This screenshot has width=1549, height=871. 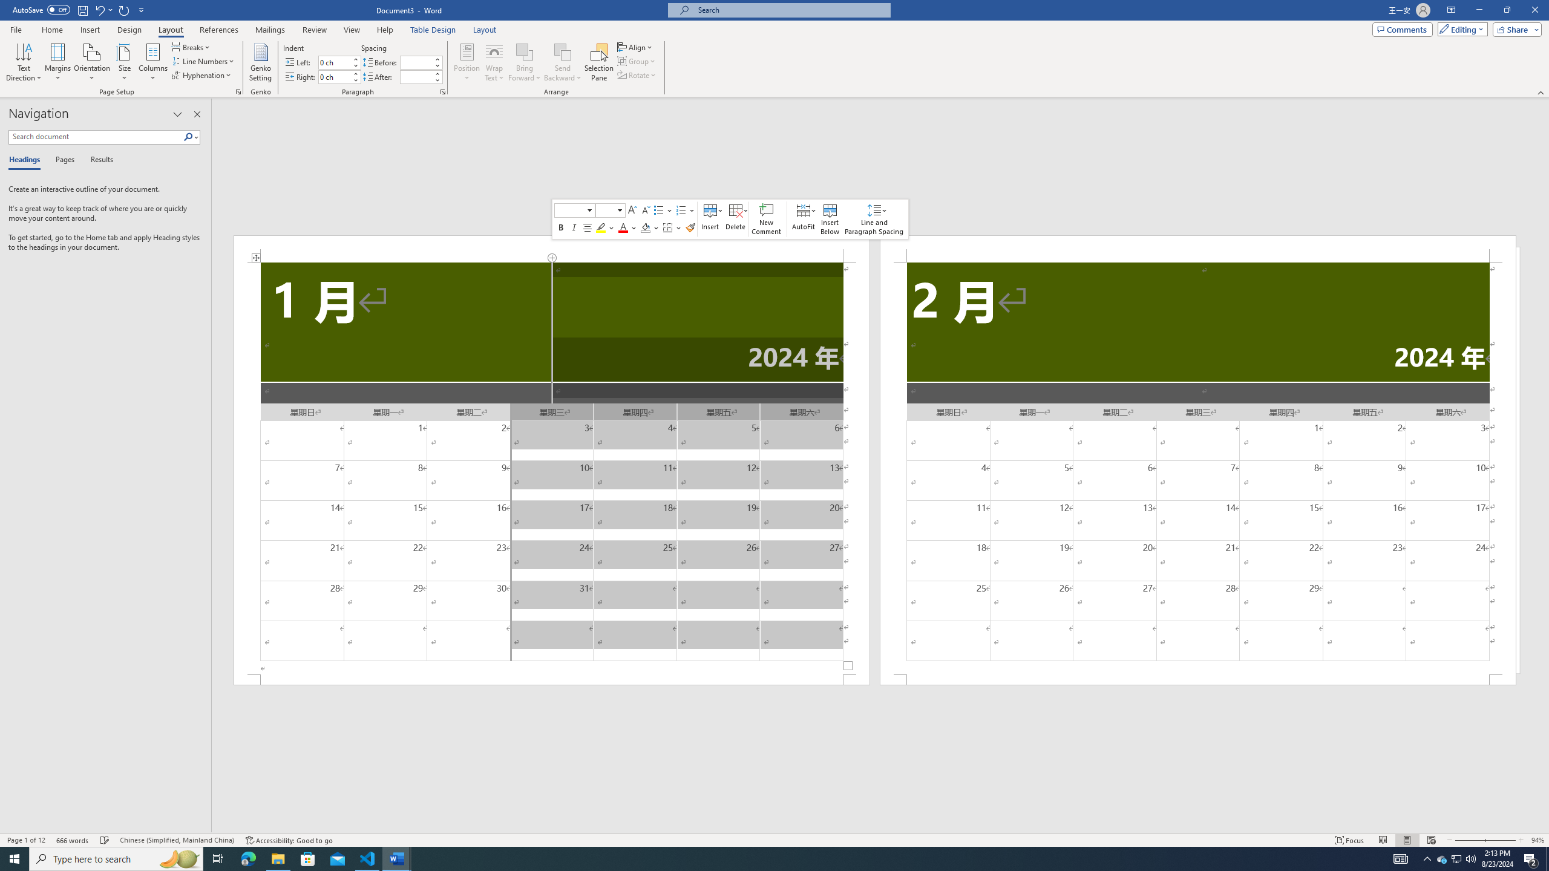 I want to click on 'Group', so click(x=637, y=60).